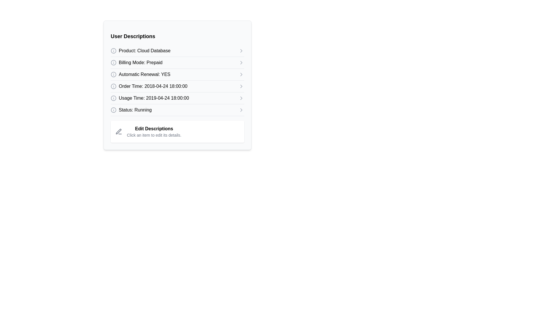 The height and width of the screenshot is (312, 555). I want to click on the Chevron Icon located on the right side of the 'Order Time: 2018-04-24 18:00:00' row, so click(241, 86).